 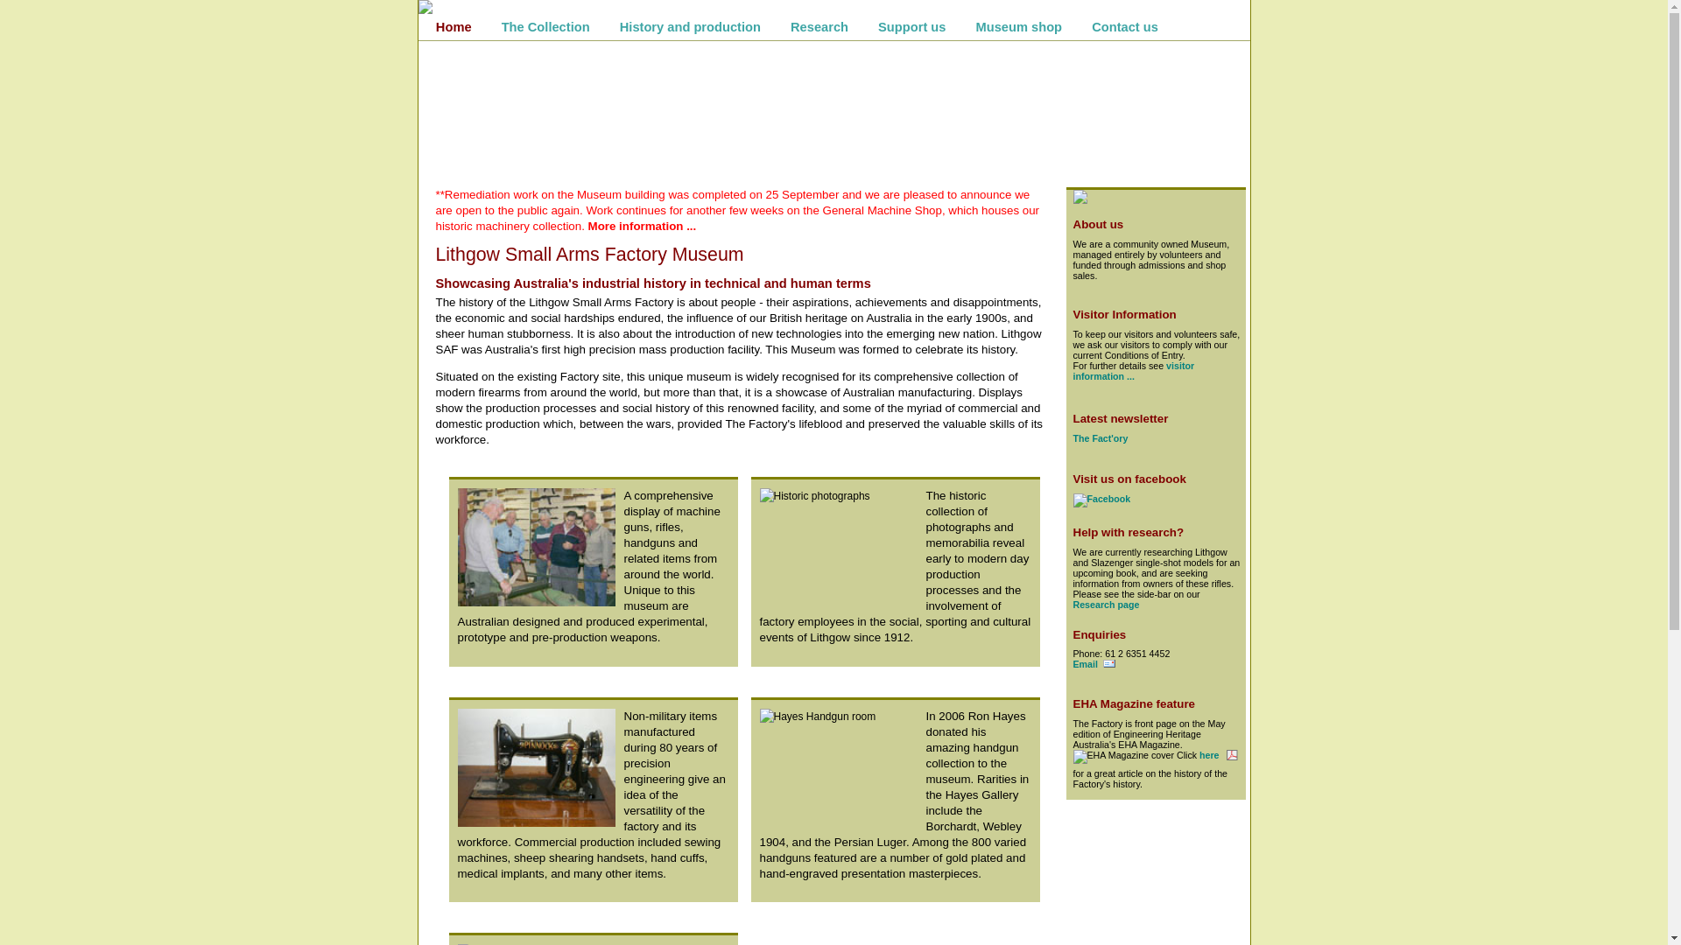 I want to click on 'Museum shop', so click(x=1019, y=26).